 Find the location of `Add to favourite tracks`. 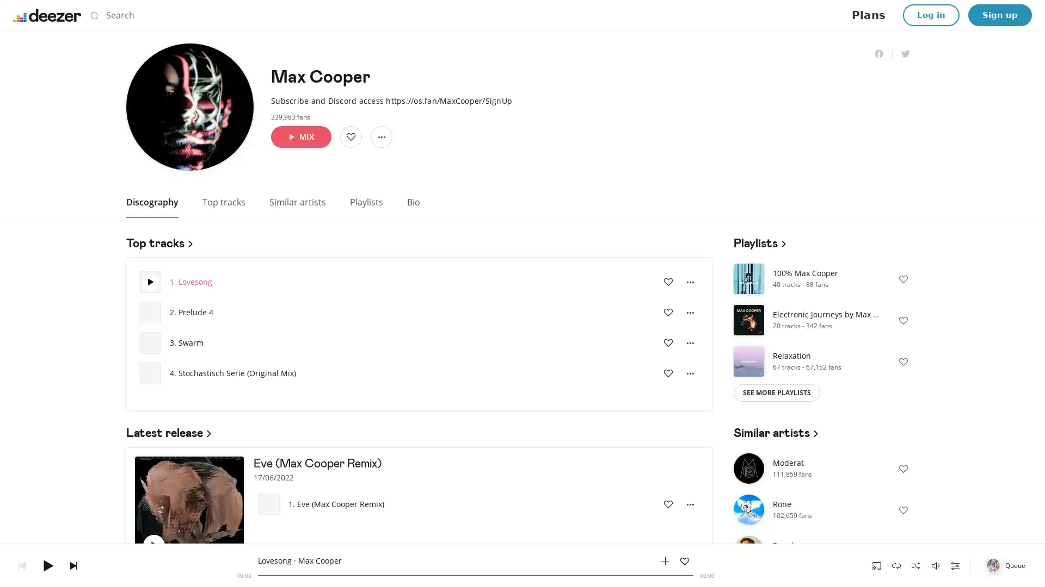

Add to favourite tracks is located at coordinates (668, 504).